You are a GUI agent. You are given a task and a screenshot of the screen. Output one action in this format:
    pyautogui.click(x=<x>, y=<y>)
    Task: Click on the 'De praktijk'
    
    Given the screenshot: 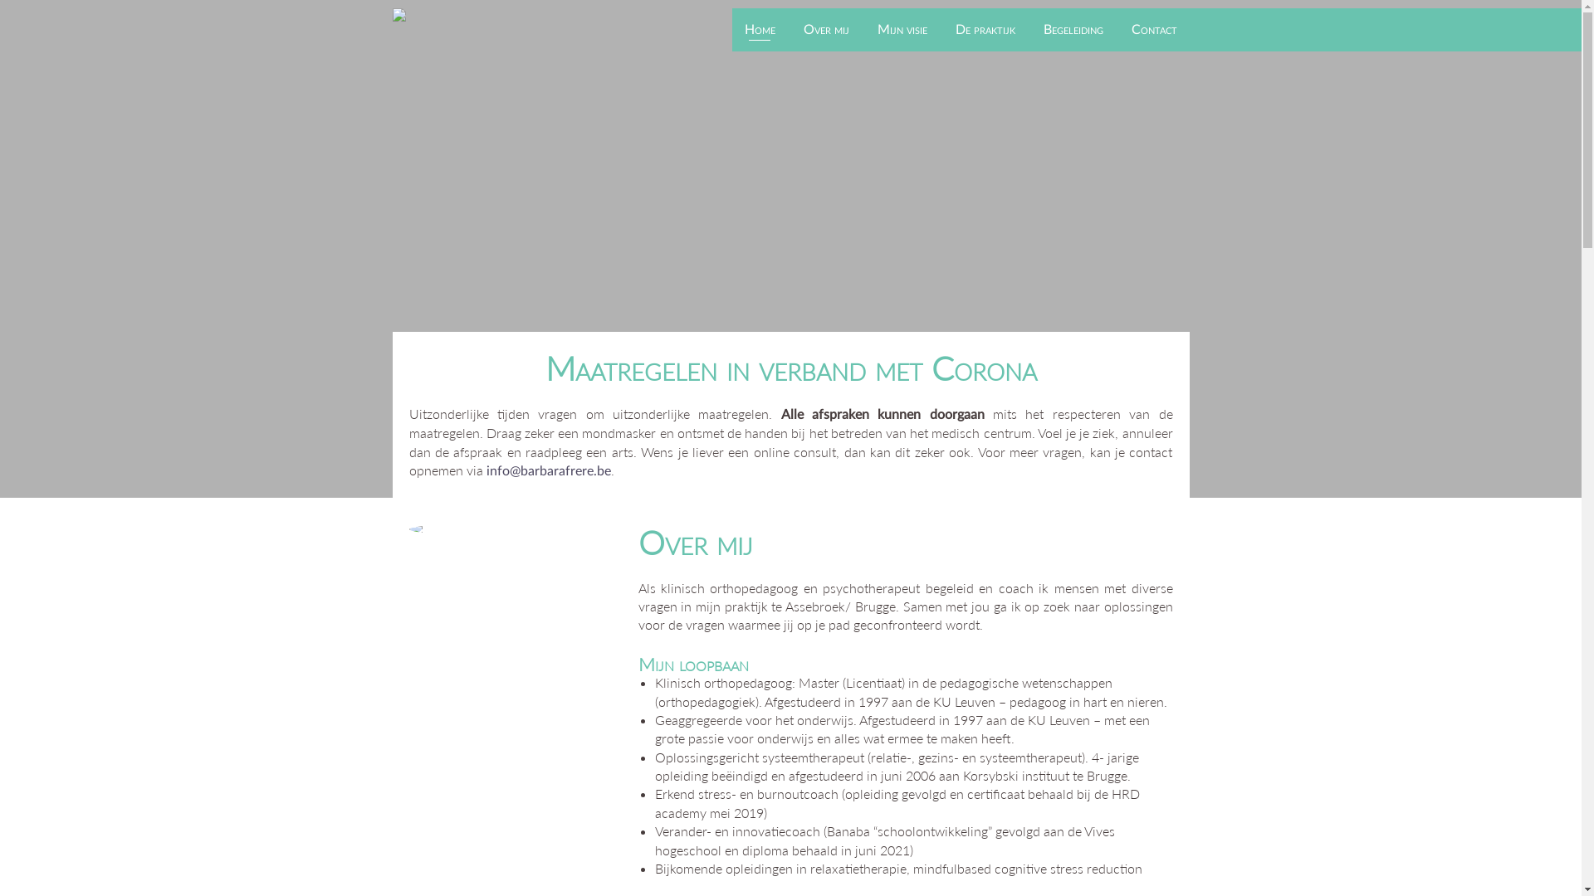 What is the action you would take?
    pyautogui.click(x=985, y=29)
    